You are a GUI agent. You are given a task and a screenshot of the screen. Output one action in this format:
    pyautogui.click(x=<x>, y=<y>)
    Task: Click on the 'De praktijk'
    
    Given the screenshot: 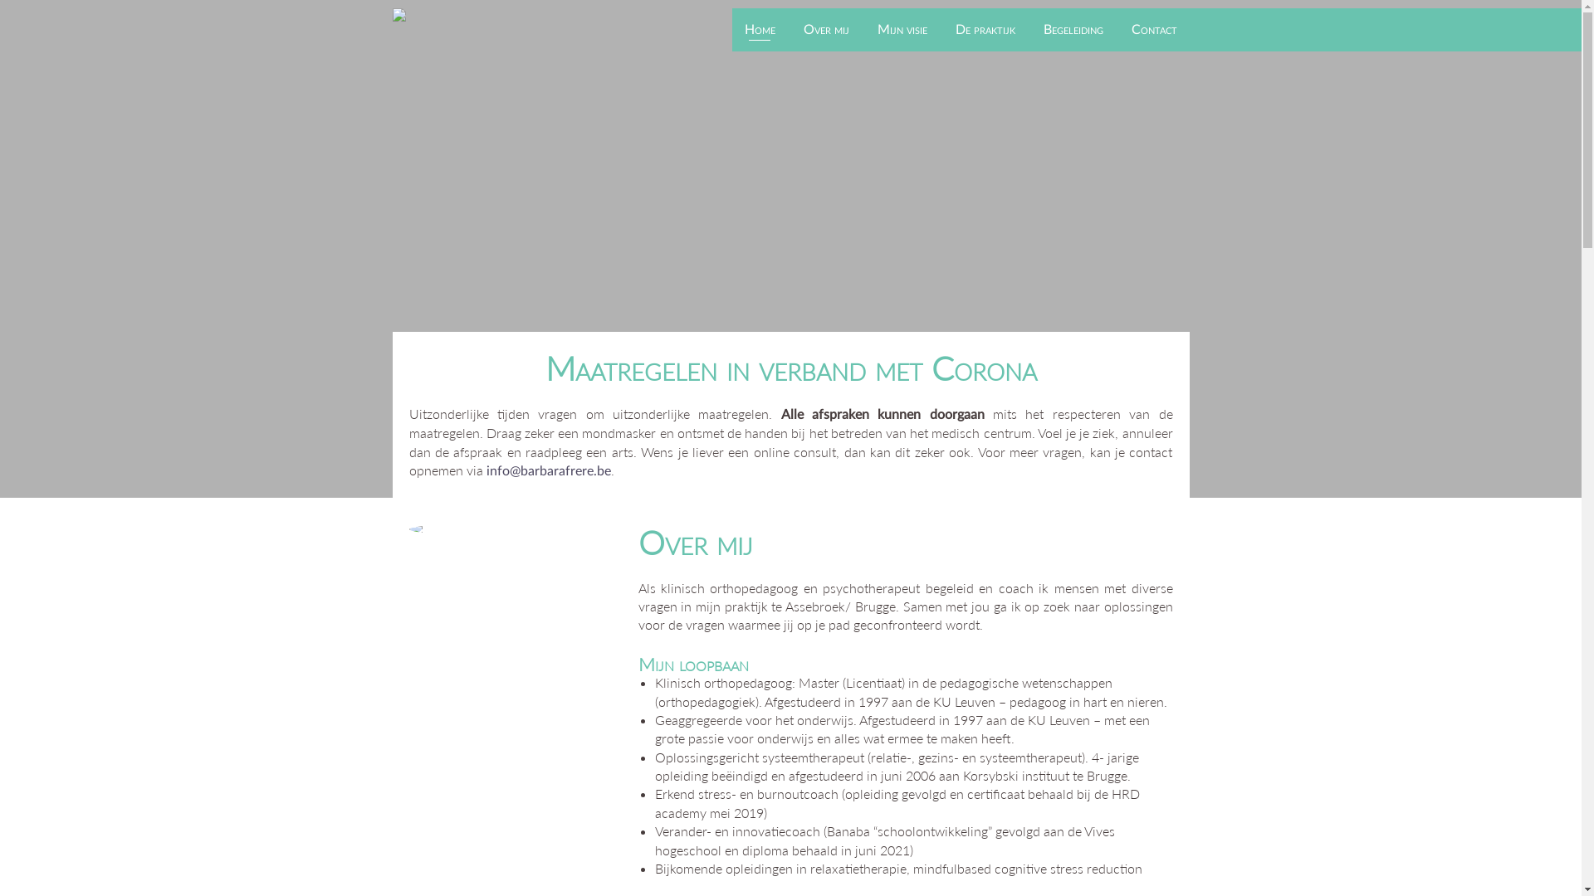 What is the action you would take?
    pyautogui.click(x=985, y=29)
    